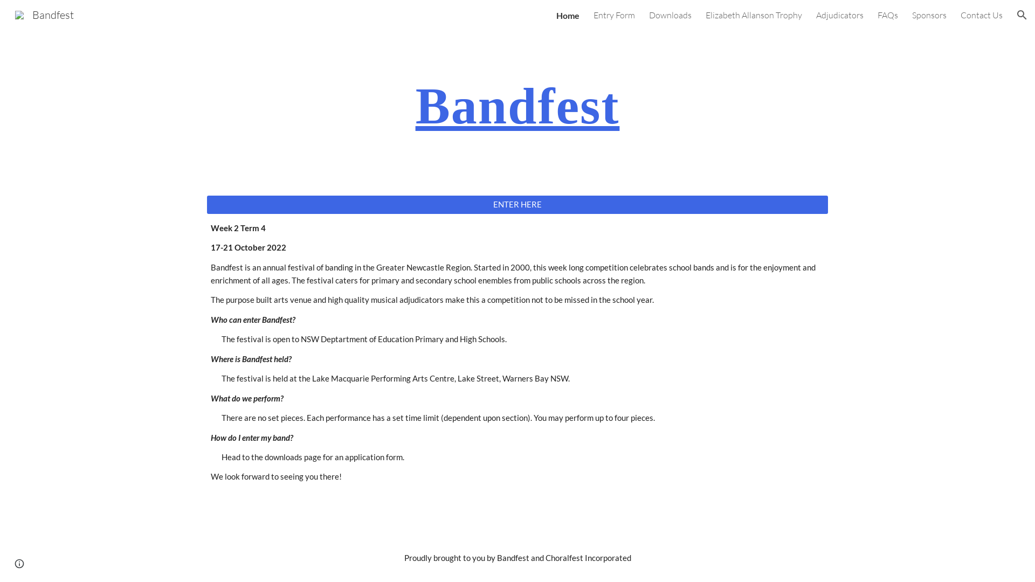 The height and width of the screenshot is (582, 1035). Describe the element at coordinates (981, 15) in the screenshot. I see `'Contact Us'` at that location.